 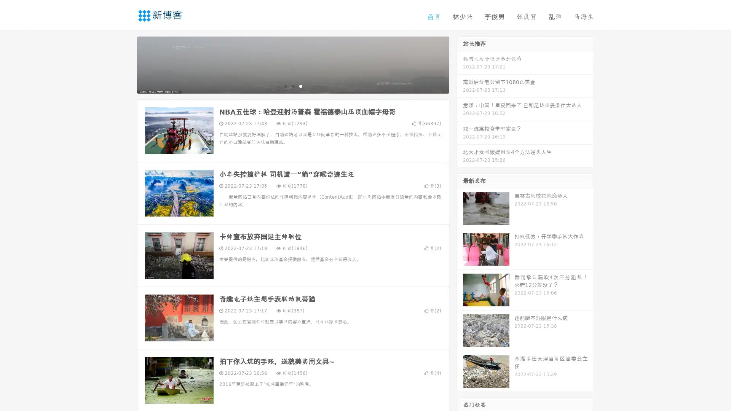 What do you see at coordinates (292, 86) in the screenshot?
I see `Go to slide 2` at bounding box center [292, 86].